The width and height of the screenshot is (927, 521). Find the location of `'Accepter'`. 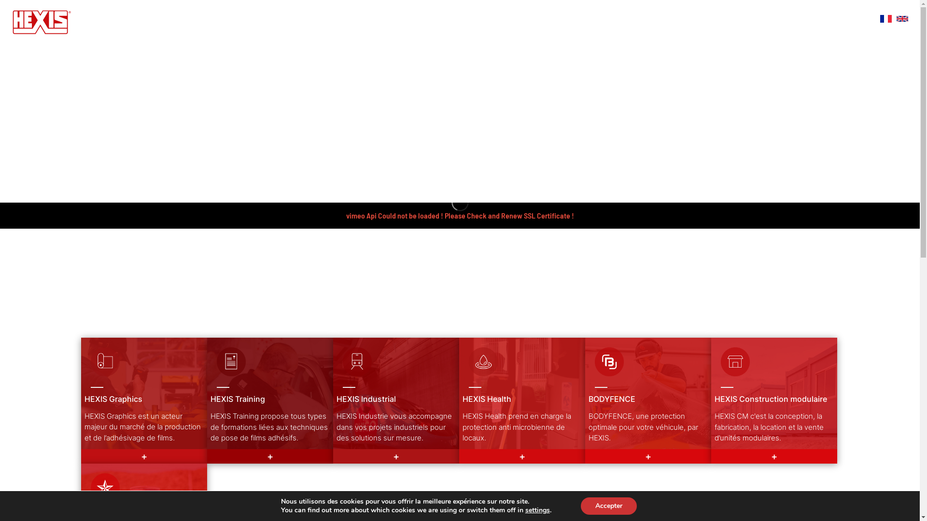

'Accepter' is located at coordinates (608, 506).